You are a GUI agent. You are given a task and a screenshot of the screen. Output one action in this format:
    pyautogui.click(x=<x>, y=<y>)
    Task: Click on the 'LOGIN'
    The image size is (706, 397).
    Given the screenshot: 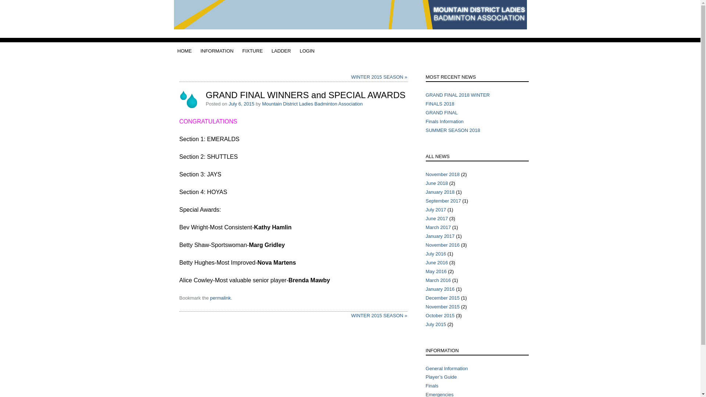 What is the action you would take?
    pyautogui.click(x=300, y=50)
    